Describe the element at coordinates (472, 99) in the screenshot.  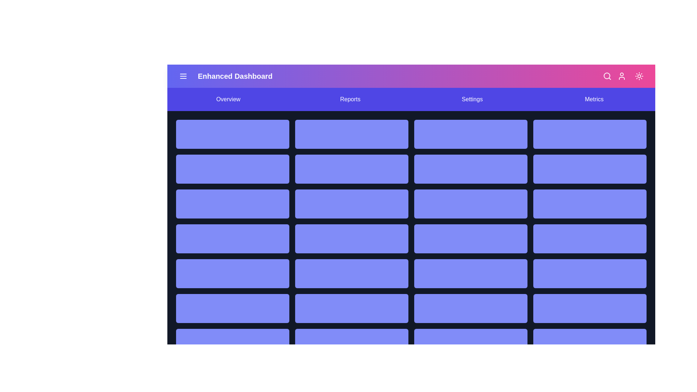
I see `the Settings navigation link` at that location.